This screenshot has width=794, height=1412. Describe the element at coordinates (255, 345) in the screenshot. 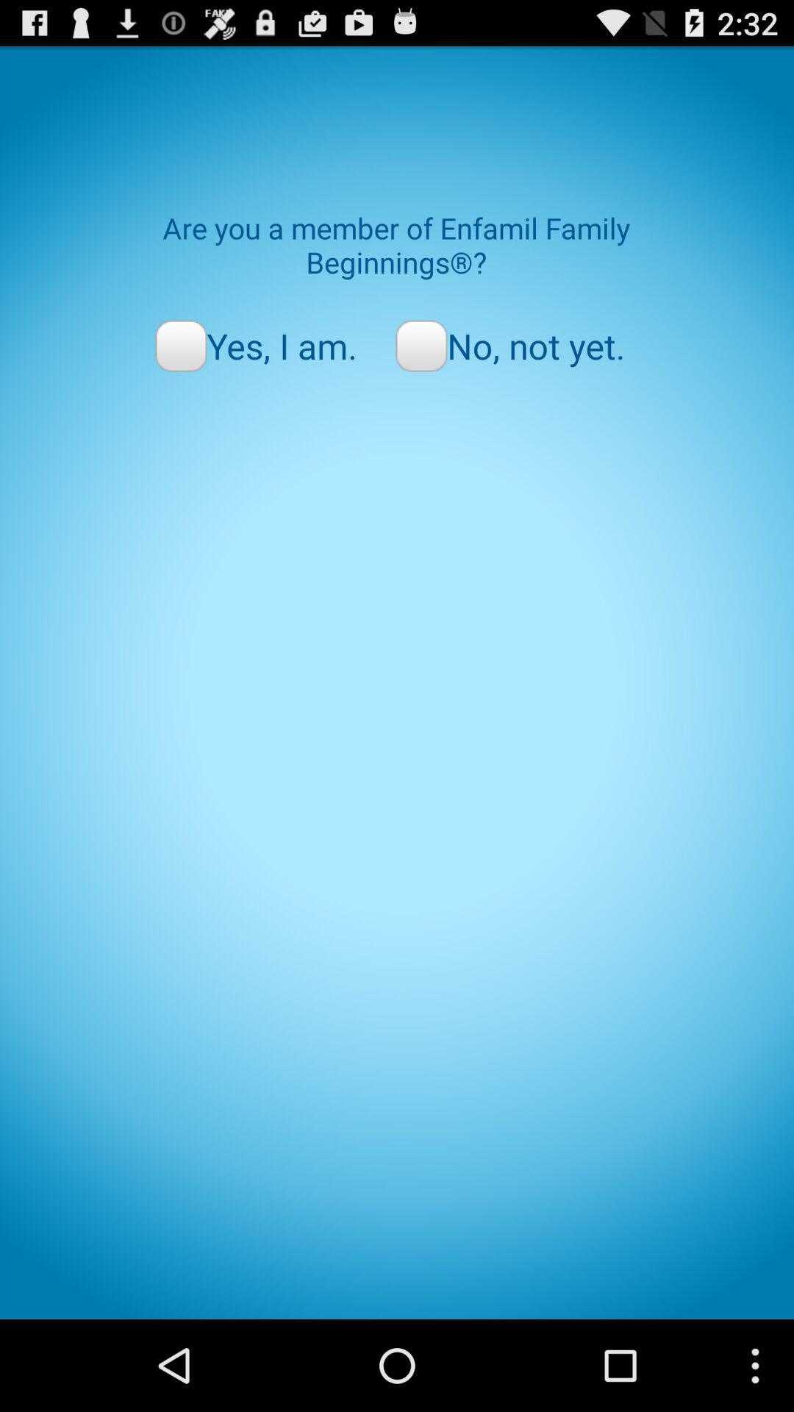

I see `the radio button next to no, not yet. icon` at that location.